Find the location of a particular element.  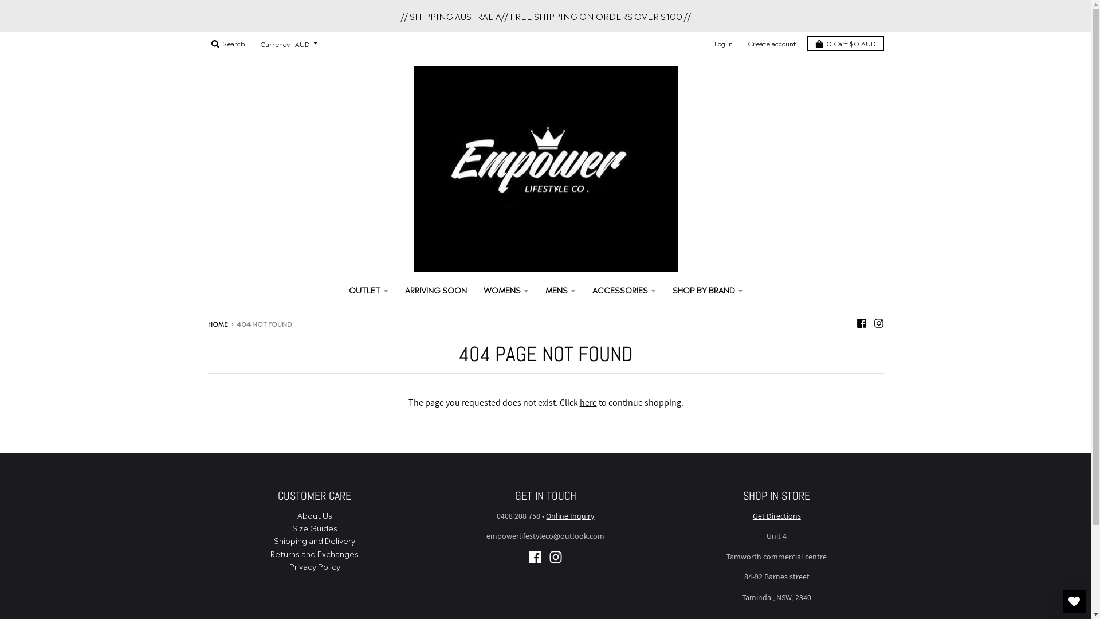

'Log in' is located at coordinates (709, 42).